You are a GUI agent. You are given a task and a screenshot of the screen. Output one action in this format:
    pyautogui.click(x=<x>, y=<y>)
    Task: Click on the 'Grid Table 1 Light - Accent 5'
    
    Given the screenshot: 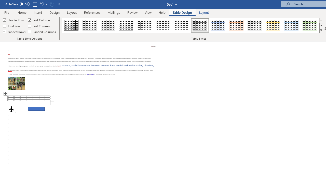 What is the action you would take?
    pyautogui.click(x=291, y=25)
    